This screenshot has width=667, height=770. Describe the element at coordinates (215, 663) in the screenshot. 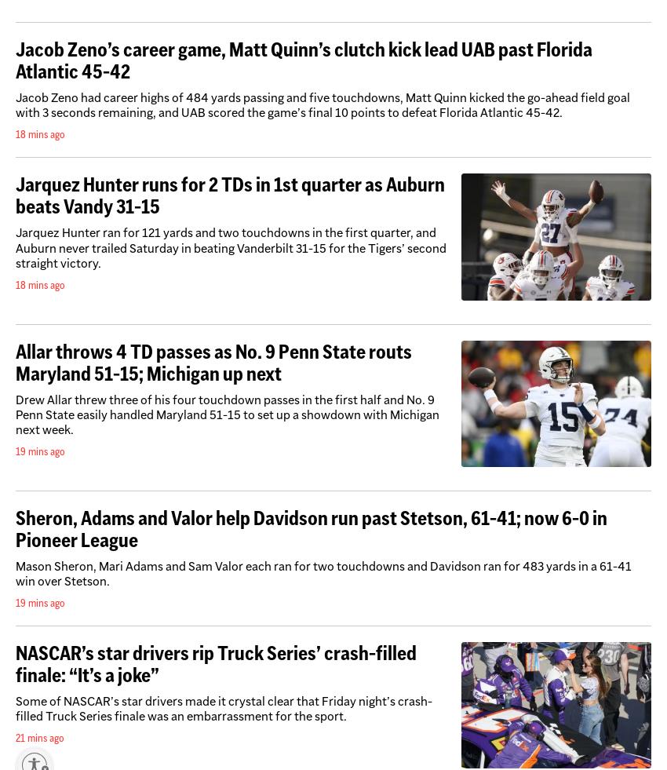

I see `'NASCAR’s star drivers rip Truck Series’ crash-filled finale: “It’s a joke”'` at that location.